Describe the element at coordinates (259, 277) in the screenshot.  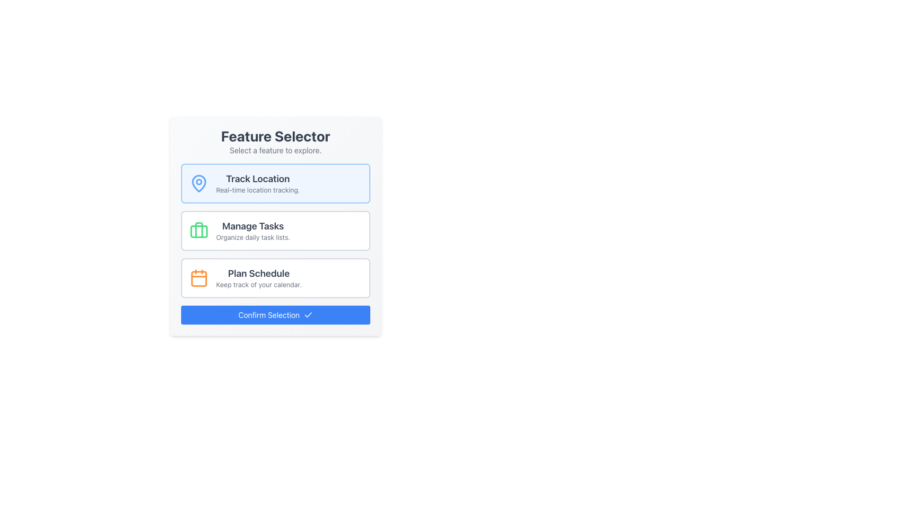
I see `the 'Plan Schedule' text and icon combination, which is the third option in the 'Feature Selector' panel, aligned with an orange calendar icon` at that location.